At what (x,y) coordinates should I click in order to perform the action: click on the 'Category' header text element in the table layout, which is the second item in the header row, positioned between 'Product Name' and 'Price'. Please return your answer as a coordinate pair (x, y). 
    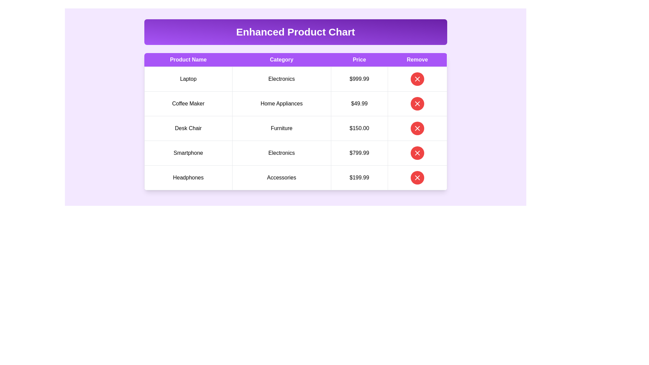
    Looking at the image, I should click on (282, 59).